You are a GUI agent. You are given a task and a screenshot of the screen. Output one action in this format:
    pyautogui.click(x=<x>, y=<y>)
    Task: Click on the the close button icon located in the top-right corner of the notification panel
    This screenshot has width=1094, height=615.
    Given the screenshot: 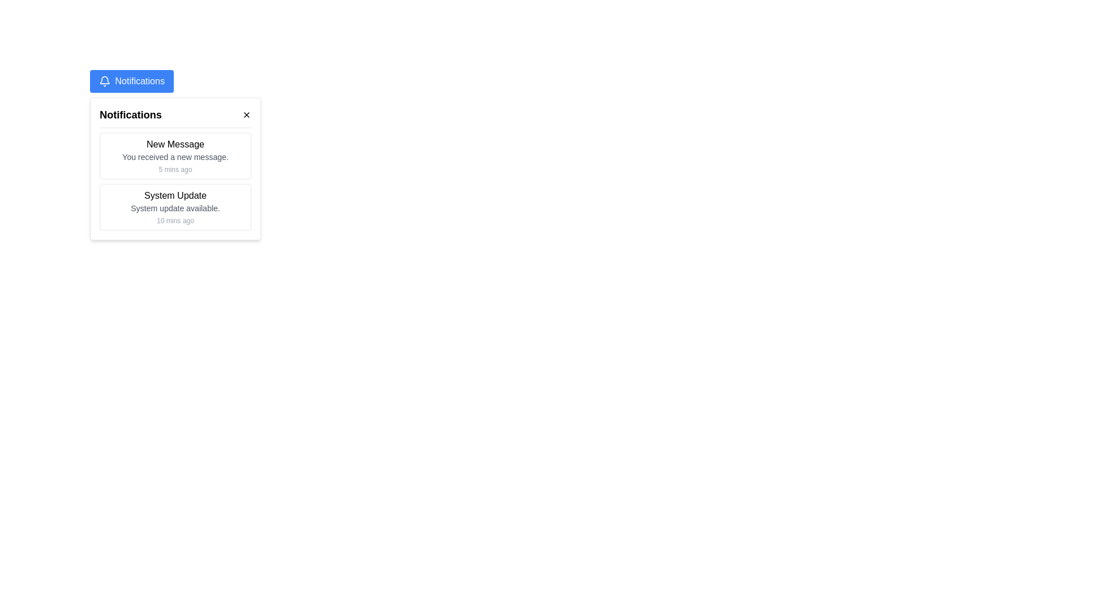 What is the action you would take?
    pyautogui.click(x=246, y=114)
    